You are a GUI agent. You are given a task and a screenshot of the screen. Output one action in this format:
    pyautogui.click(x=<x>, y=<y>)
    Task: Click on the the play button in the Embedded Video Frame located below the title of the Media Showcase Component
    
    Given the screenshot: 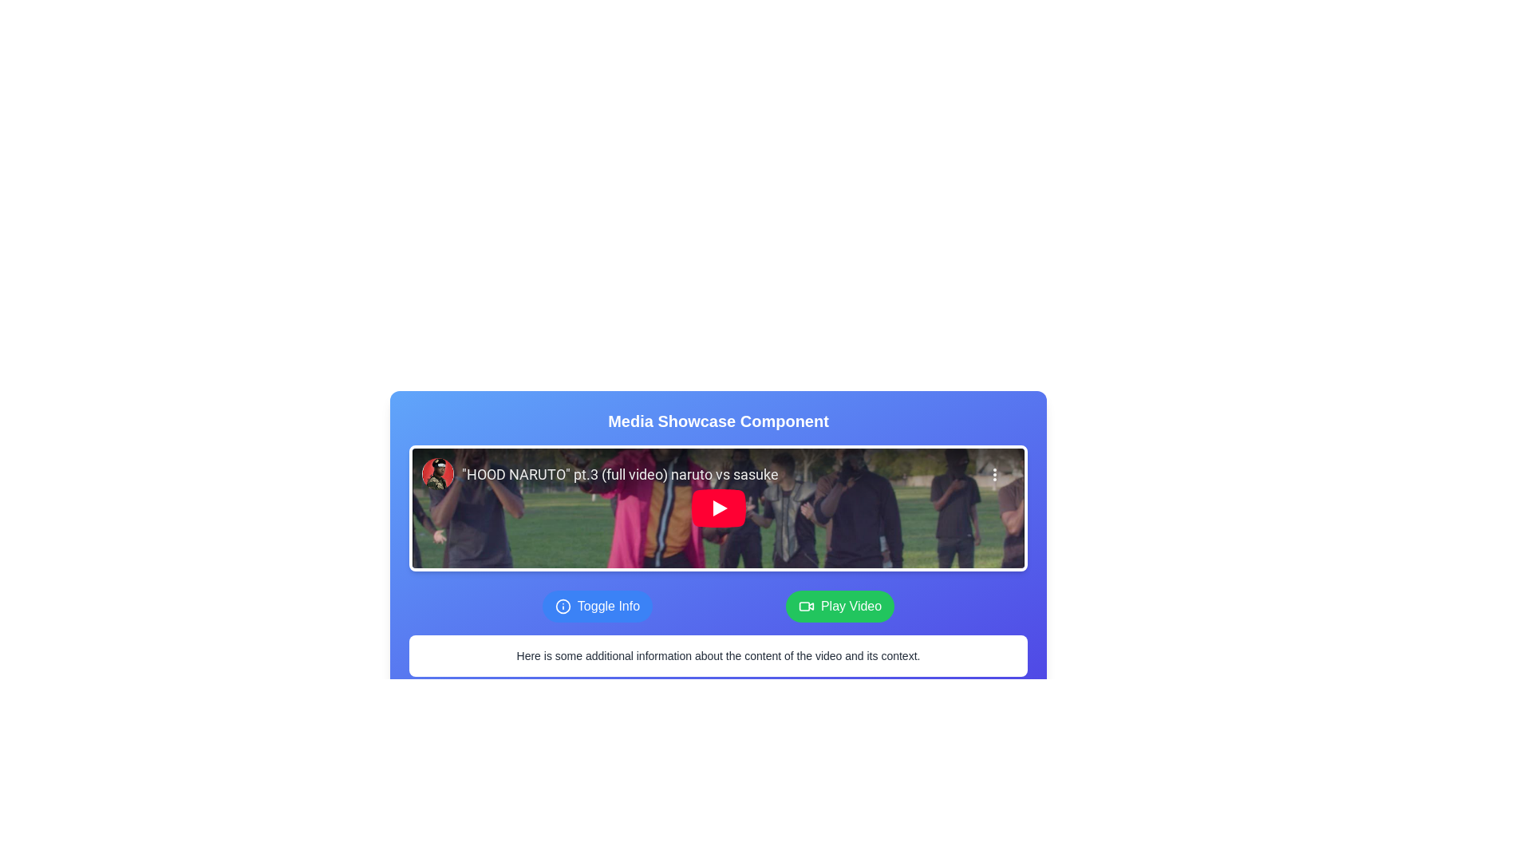 What is the action you would take?
    pyautogui.click(x=717, y=508)
    